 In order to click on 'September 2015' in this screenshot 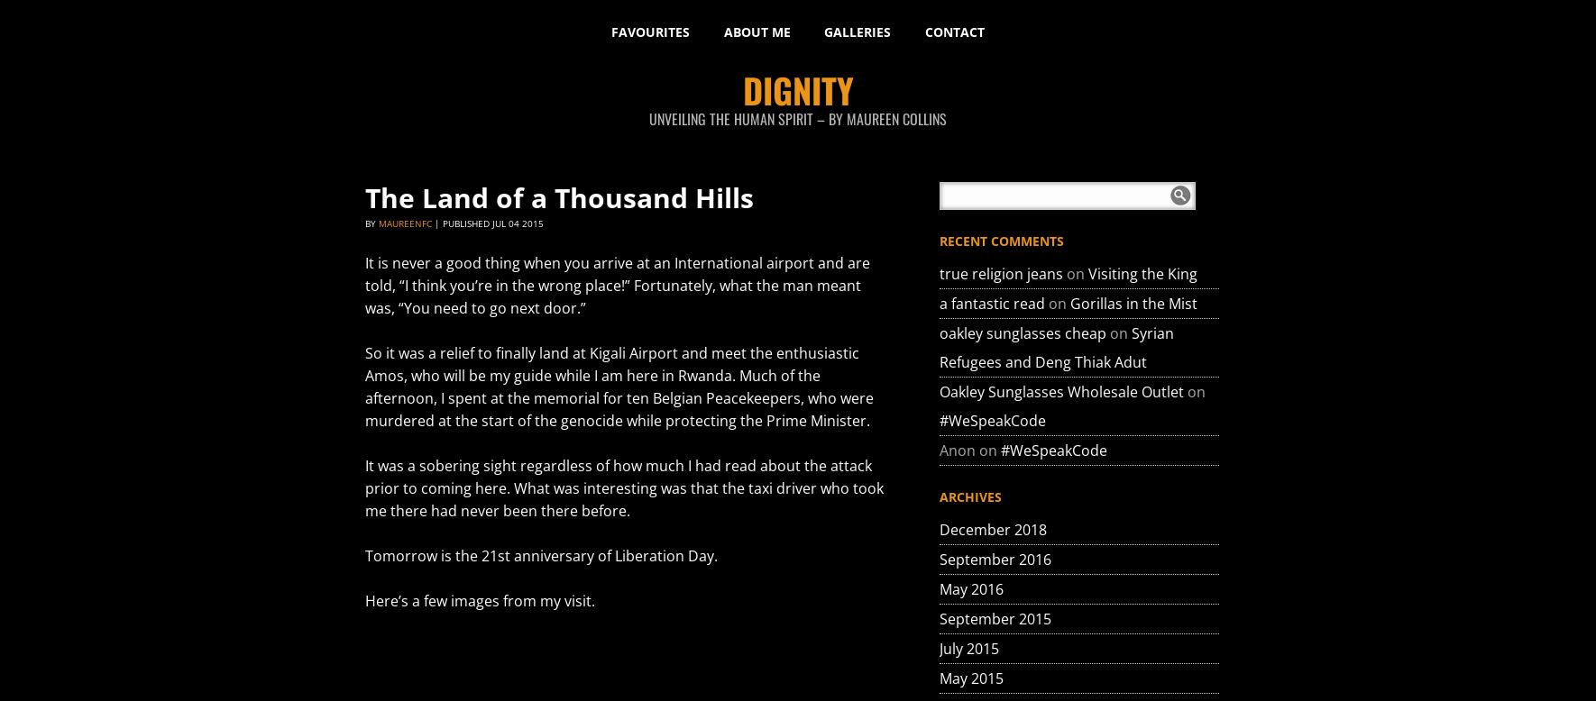, I will do `click(995, 618)`.